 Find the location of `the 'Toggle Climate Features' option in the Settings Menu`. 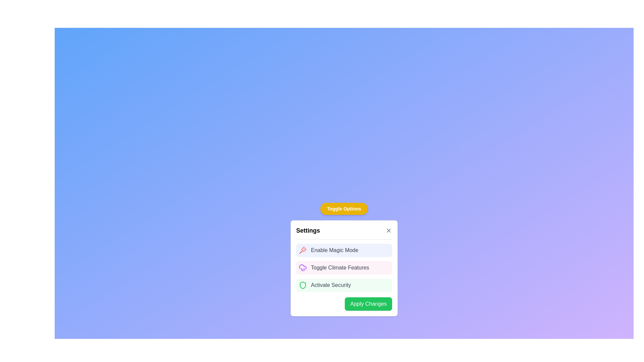

the 'Toggle Climate Features' option in the Settings Menu is located at coordinates (344, 267).